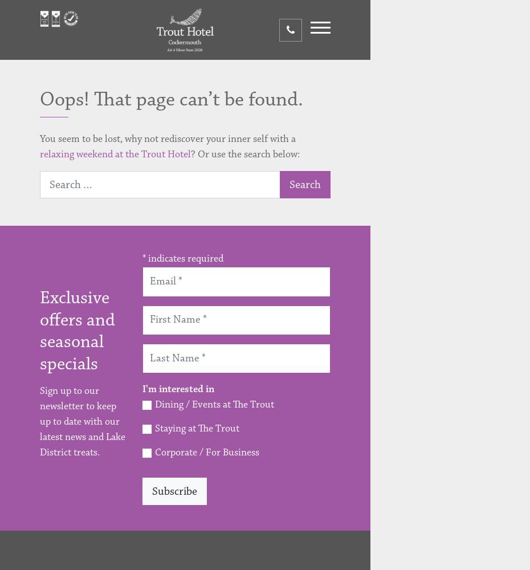  What do you see at coordinates (378, 302) in the screenshot?
I see `'Corporate'` at bounding box center [378, 302].